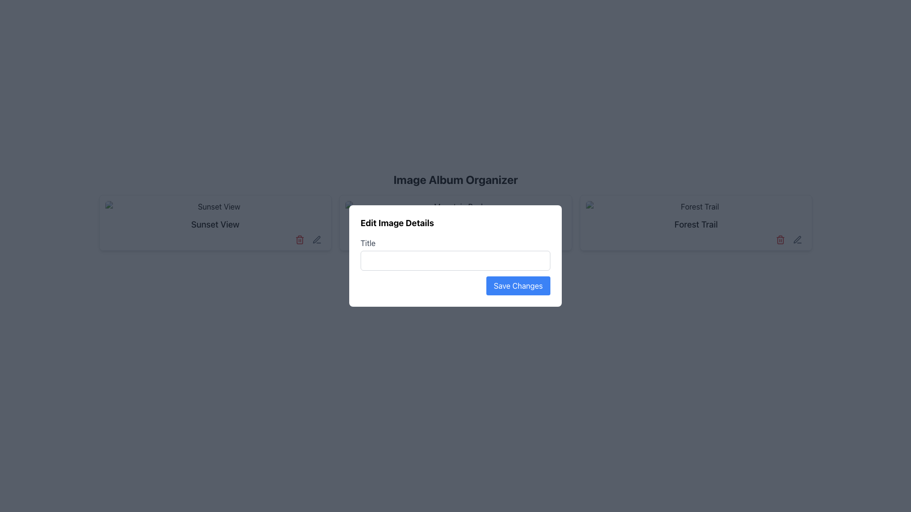 This screenshot has width=911, height=512. I want to click on the blue 'Save Changes' button with white text located in the bottom-right corner of the 'Edit Image Details' modal, so click(518, 285).